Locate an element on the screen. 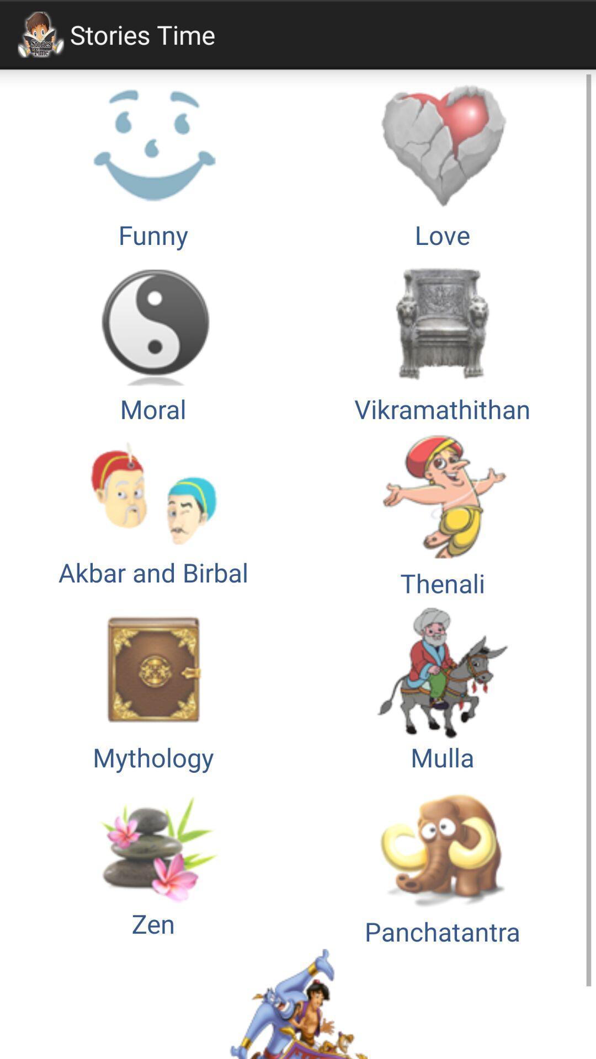 This screenshot has width=596, height=1059. icon below the mythology button is located at coordinates (442, 861).